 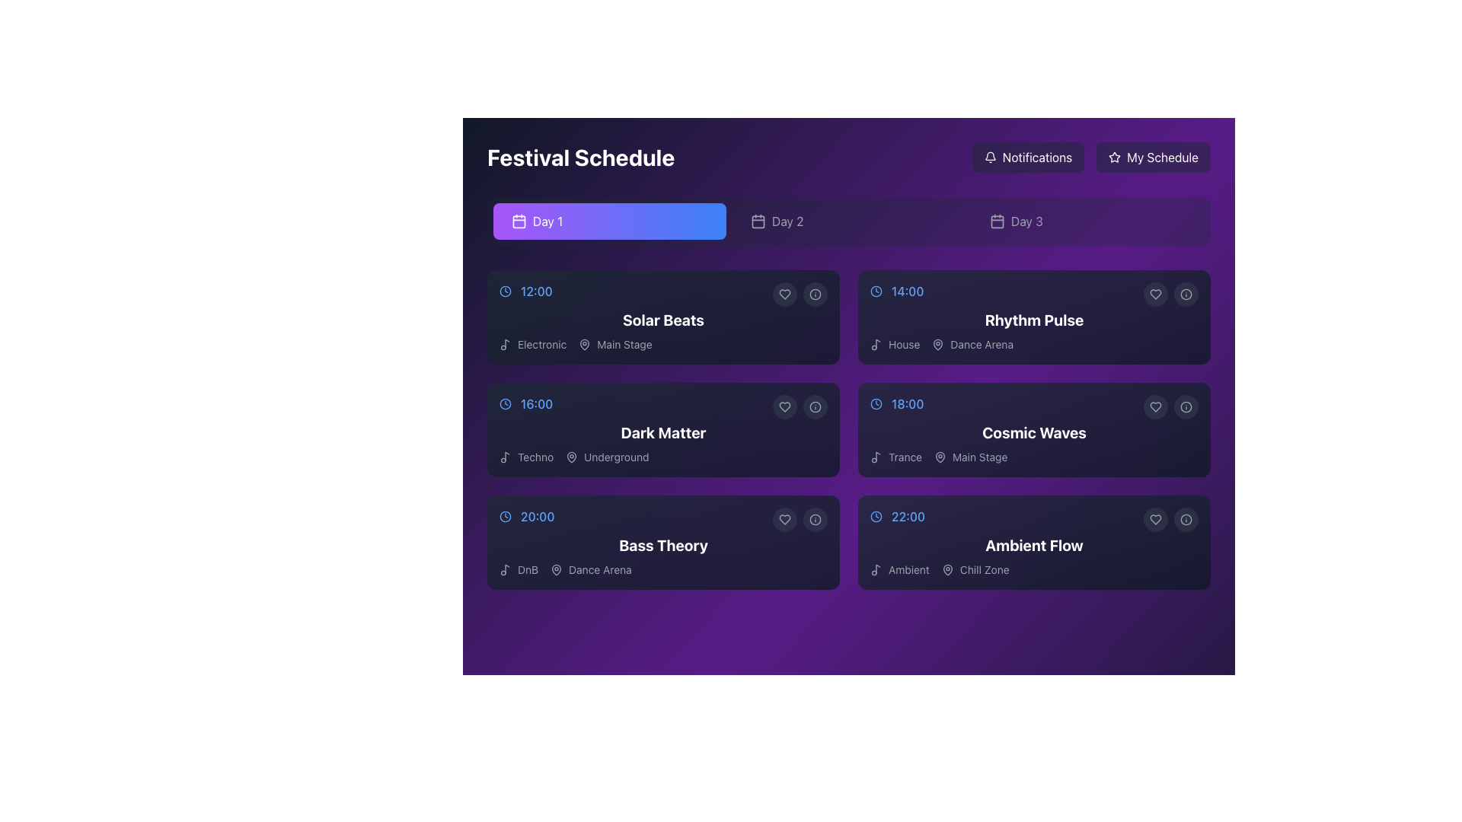 What do you see at coordinates (908, 291) in the screenshot?
I see `the text label displaying '14:00' in blue font color, located on the right side within the second row of the schedule grid, adjacent to the 'Rhythm Pulse' title` at bounding box center [908, 291].